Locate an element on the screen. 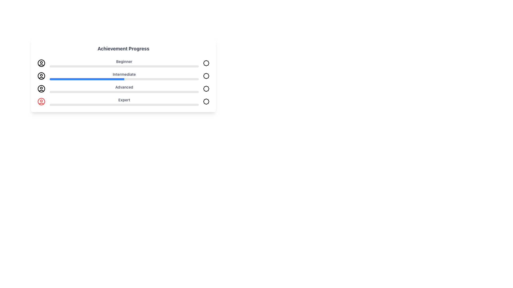  the Progress Indicator labeled 'Intermediate' which is the second item in the vertical list of progress indicators under 'Achievement Progress' is located at coordinates (124, 76).